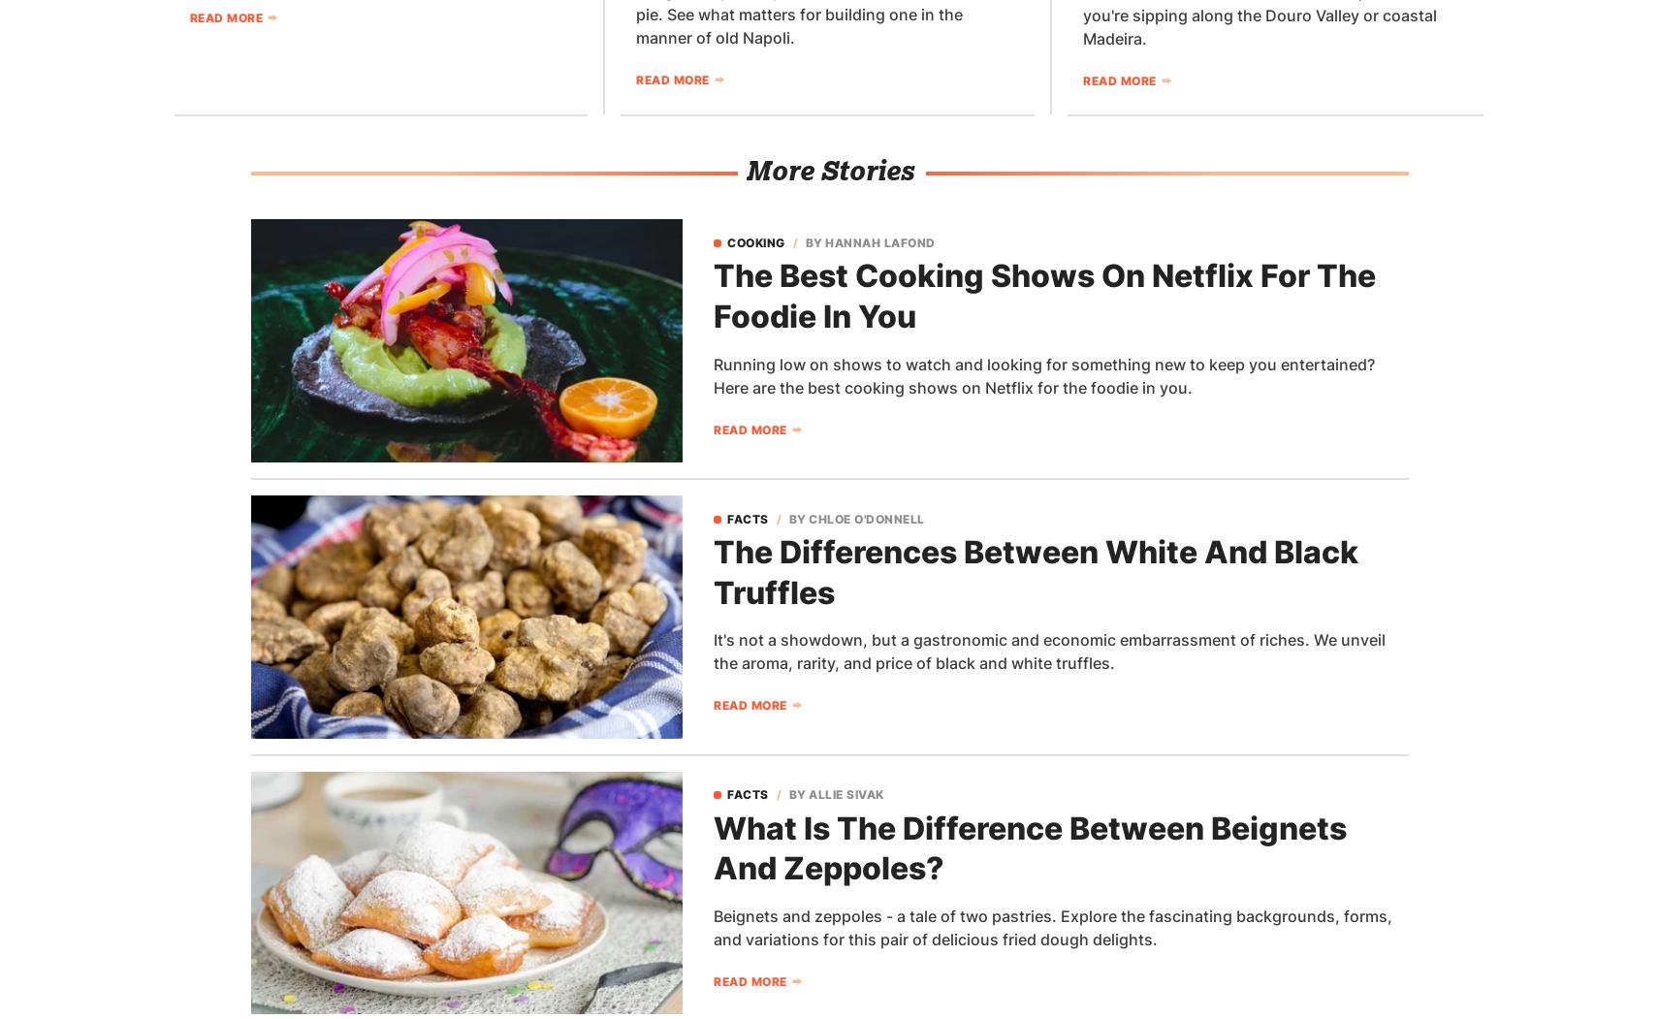  Describe the element at coordinates (713, 373) in the screenshot. I see `'Running low on shows to watch and looking for something new to keep you entertained? Here are the best cooking shows on Netflix for the foodie in you.'` at that location.